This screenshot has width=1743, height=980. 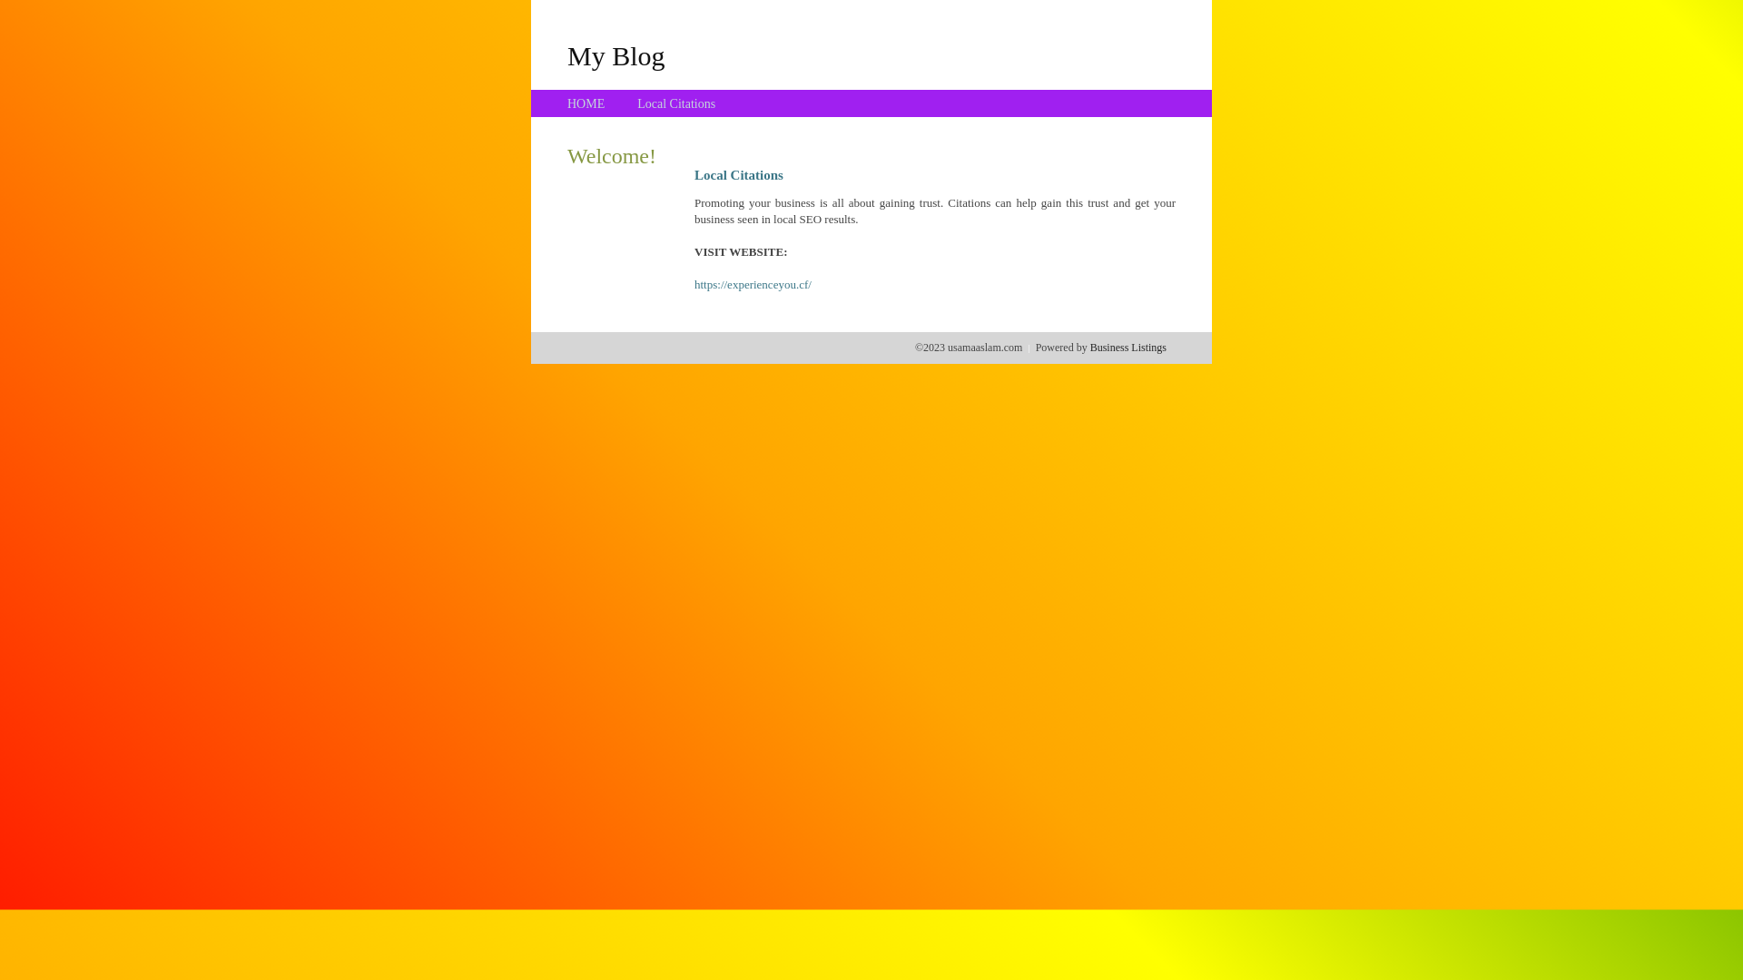 What do you see at coordinates (566, 103) in the screenshot?
I see `'HOME'` at bounding box center [566, 103].